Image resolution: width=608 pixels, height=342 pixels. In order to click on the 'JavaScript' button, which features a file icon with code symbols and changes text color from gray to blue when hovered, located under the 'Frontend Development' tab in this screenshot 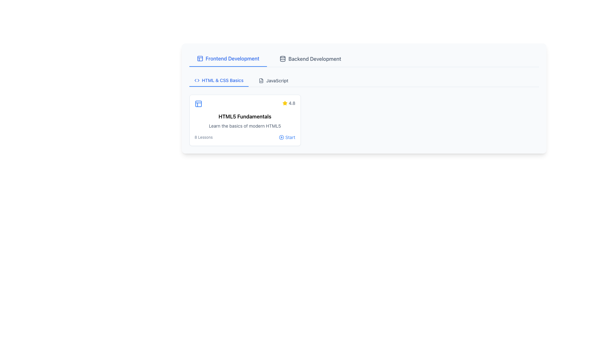, I will do `click(273, 80)`.